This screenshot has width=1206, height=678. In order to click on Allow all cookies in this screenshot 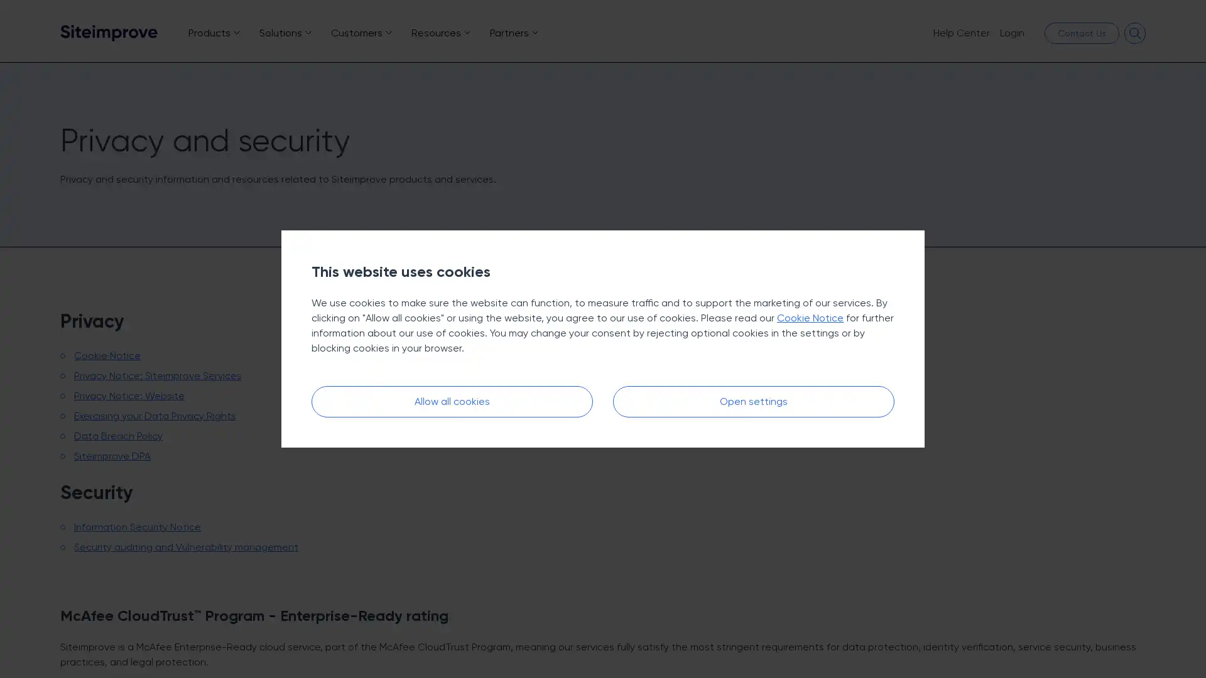, I will do `click(452, 402)`.